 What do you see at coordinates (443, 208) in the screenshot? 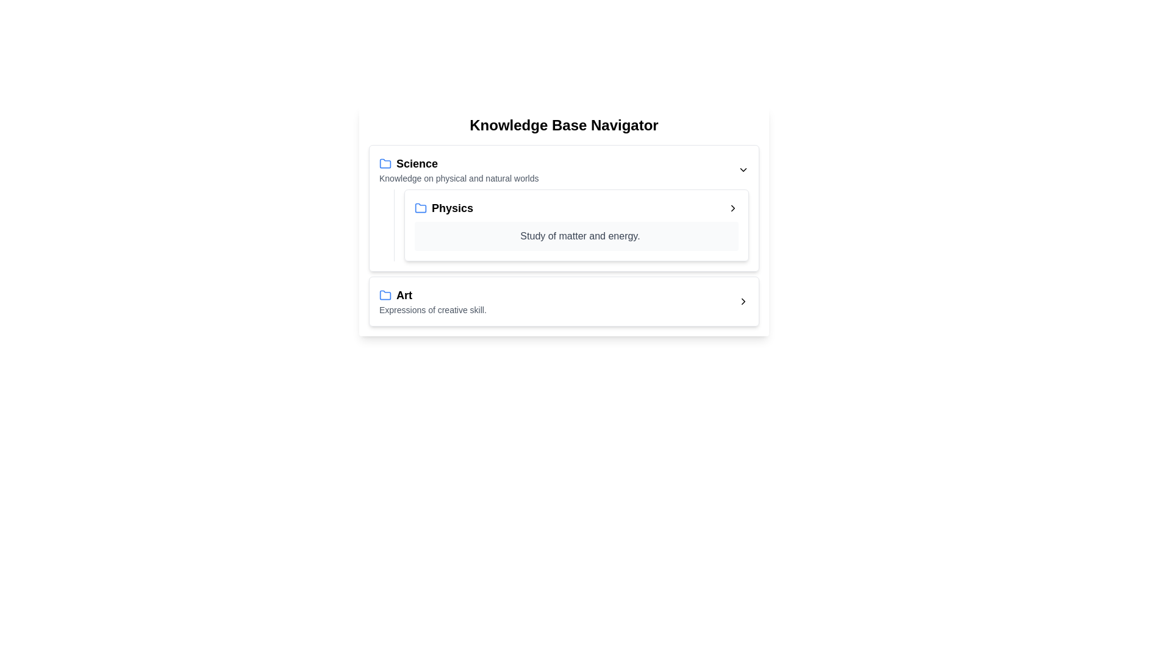
I see `the 'Physics' label/text element located to the right of the blue folder icon in the science navigation pane` at bounding box center [443, 208].